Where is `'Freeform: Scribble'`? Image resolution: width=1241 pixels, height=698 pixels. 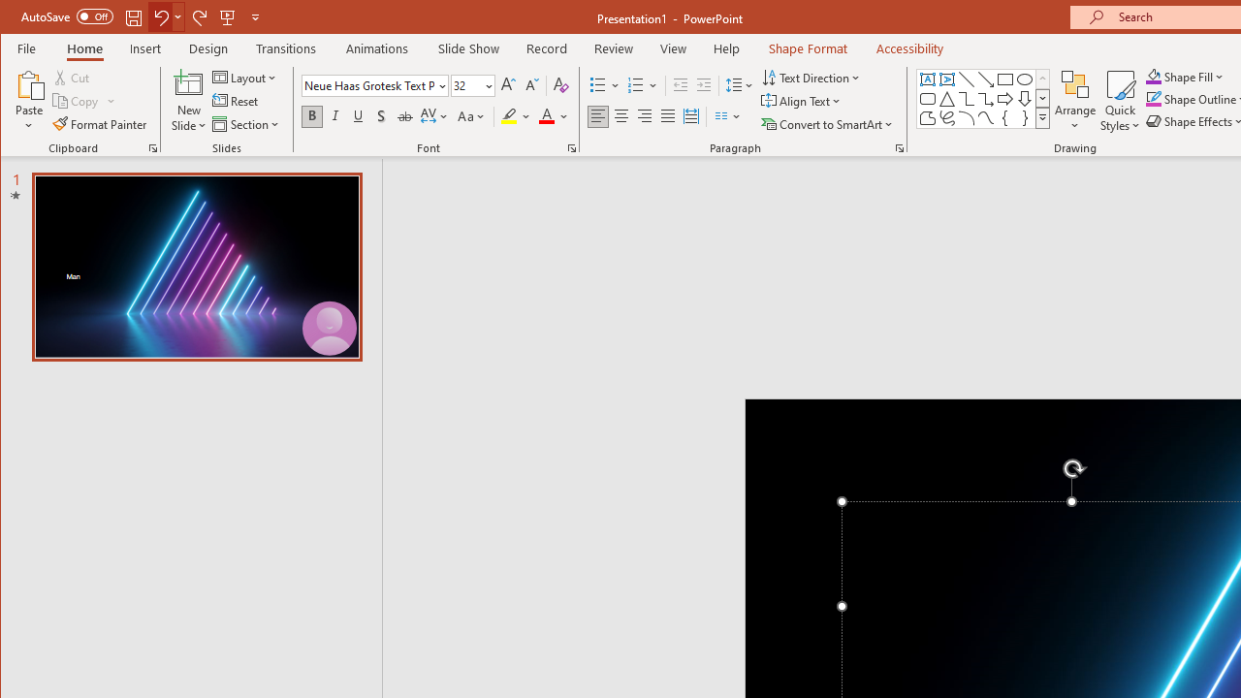
'Freeform: Scribble' is located at coordinates (946, 118).